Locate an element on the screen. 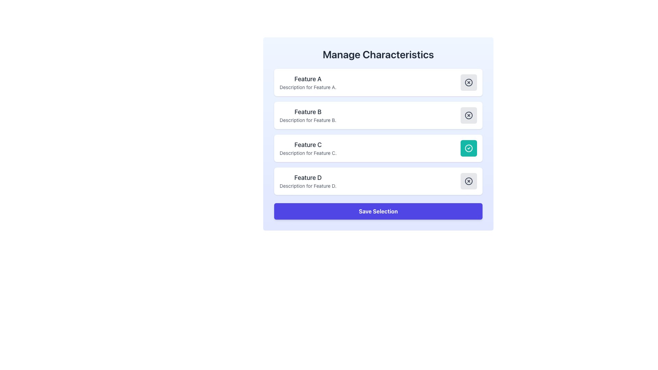  the selectable row labeled 'Feature B' is located at coordinates (378, 115).